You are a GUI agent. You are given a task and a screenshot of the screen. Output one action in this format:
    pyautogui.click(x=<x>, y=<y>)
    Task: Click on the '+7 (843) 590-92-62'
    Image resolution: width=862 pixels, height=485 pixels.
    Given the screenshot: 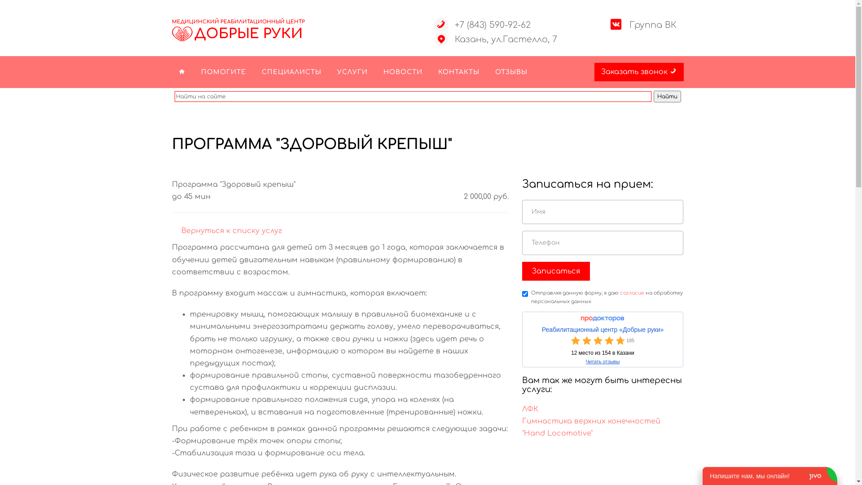 What is the action you would take?
    pyautogui.click(x=492, y=24)
    